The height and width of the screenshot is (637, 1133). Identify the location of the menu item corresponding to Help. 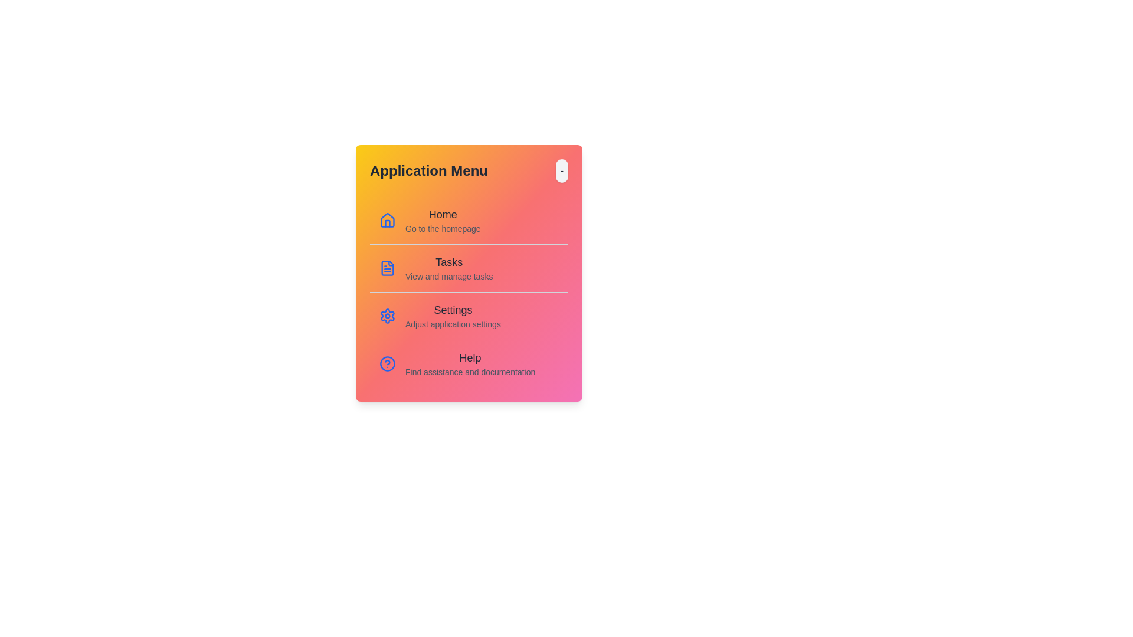
(469, 363).